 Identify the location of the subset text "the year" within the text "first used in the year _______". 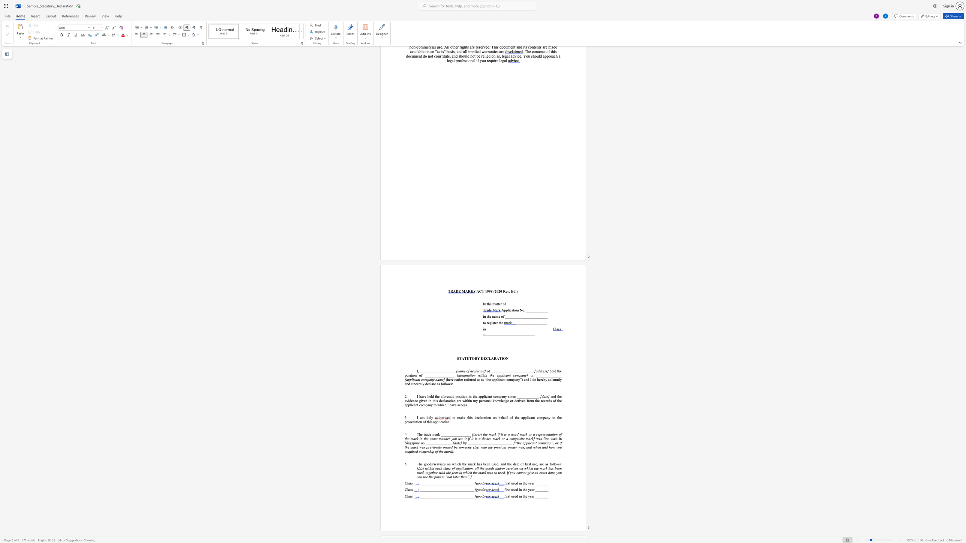
(522, 496).